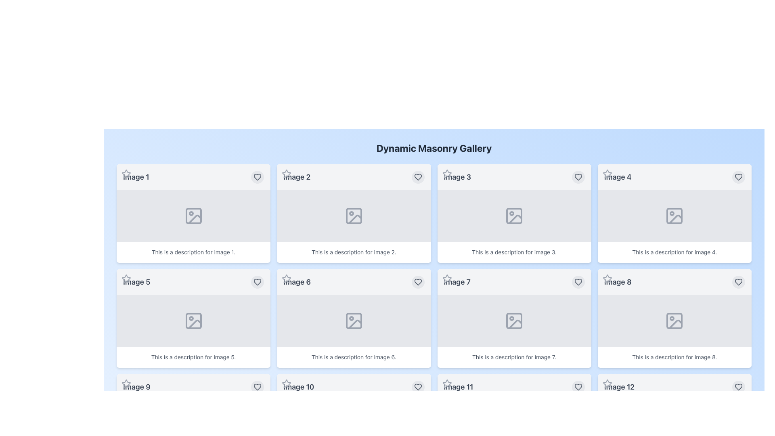 Image resolution: width=775 pixels, height=436 pixels. Describe the element at coordinates (354, 318) in the screenshot. I see `the sixth card in the grid layout, which displays 'Image 6' as a header and has a centered image icon` at that location.